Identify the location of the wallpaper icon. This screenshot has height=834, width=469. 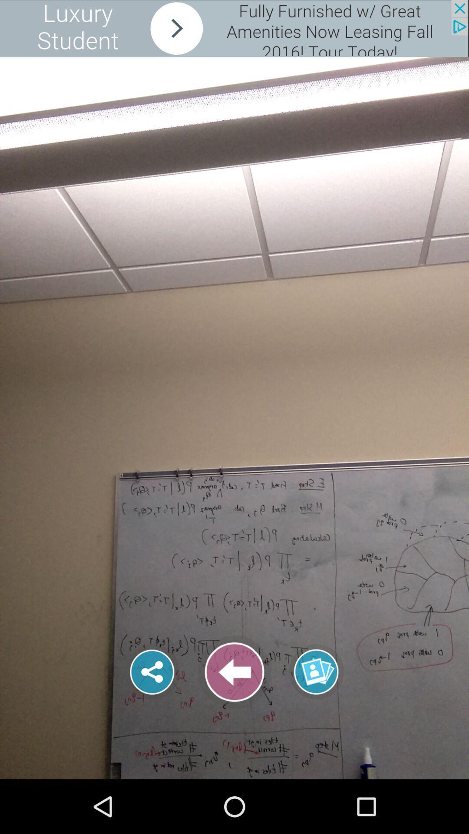
(317, 664).